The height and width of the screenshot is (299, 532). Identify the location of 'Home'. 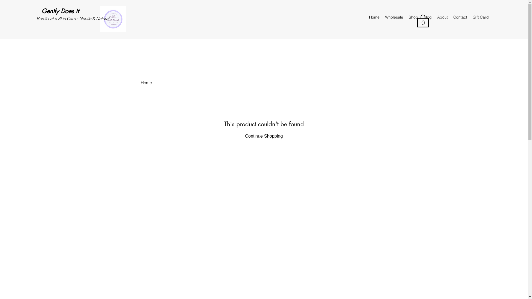
(146, 83).